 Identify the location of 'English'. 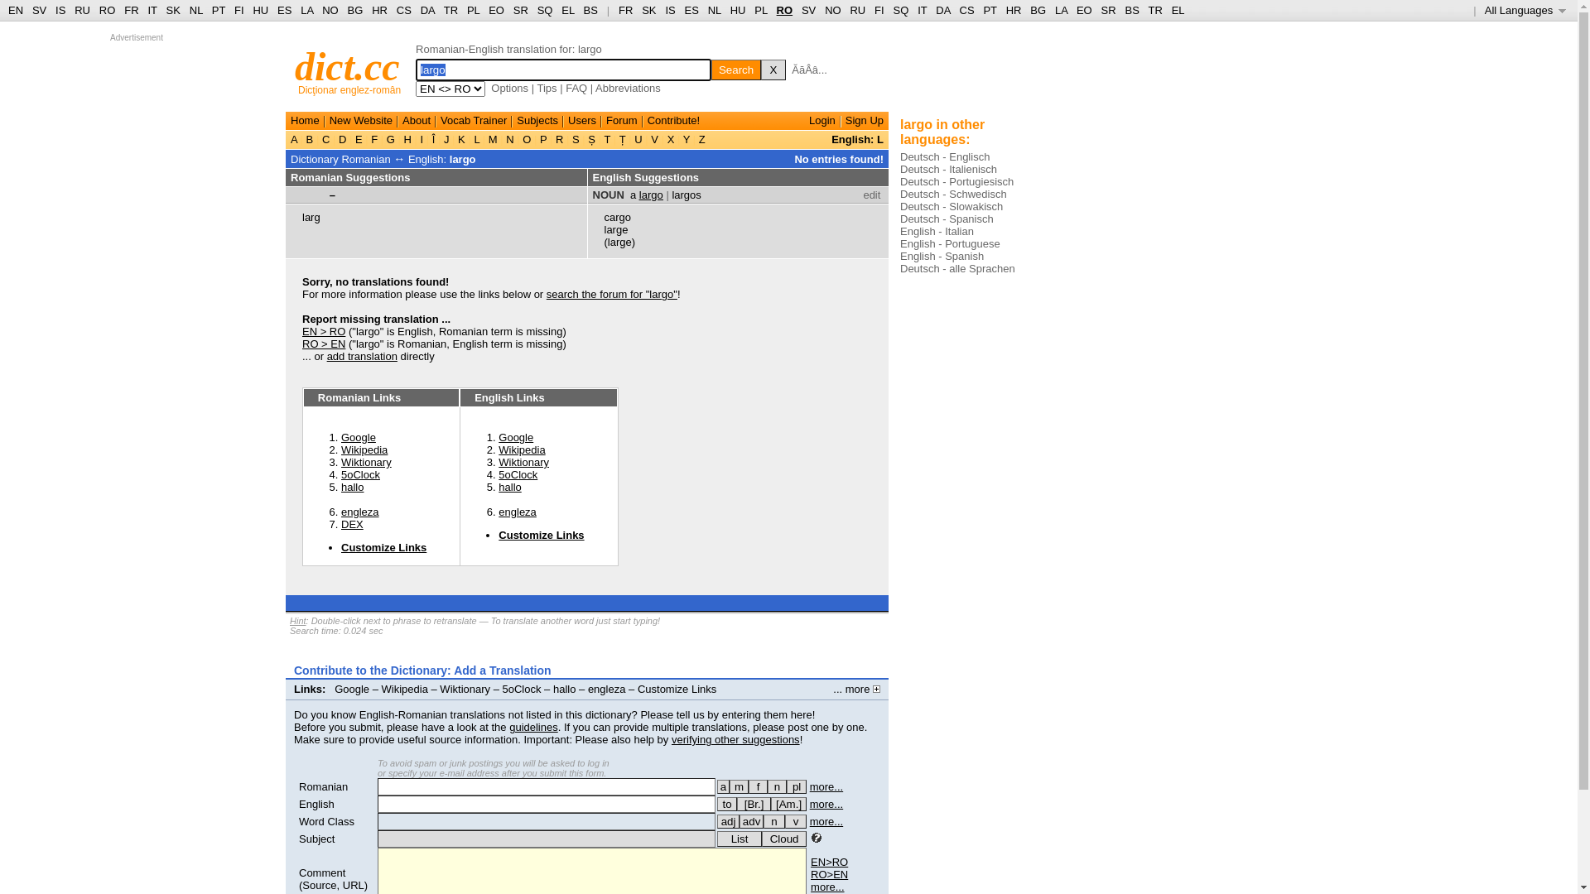
(316, 803).